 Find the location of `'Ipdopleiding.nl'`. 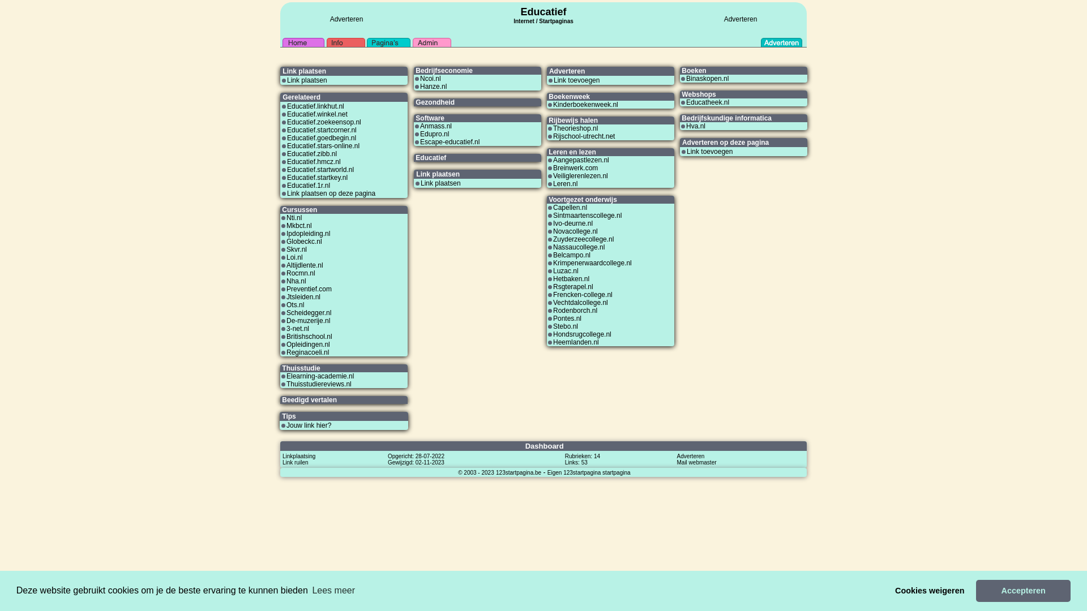

'Ipdopleiding.nl' is located at coordinates (286, 233).